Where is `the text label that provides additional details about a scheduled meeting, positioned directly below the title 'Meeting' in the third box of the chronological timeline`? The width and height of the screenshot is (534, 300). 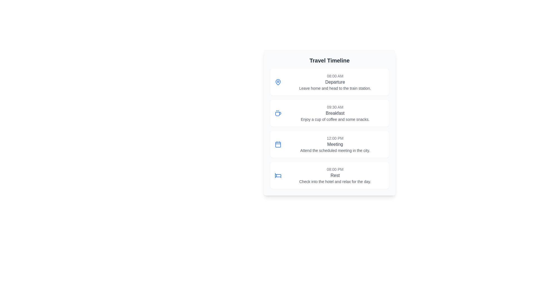
the text label that provides additional details about a scheduled meeting, positioned directly below the title 'Meeting' in the third box of the chronological timeline is located at coordinates (335, 151).